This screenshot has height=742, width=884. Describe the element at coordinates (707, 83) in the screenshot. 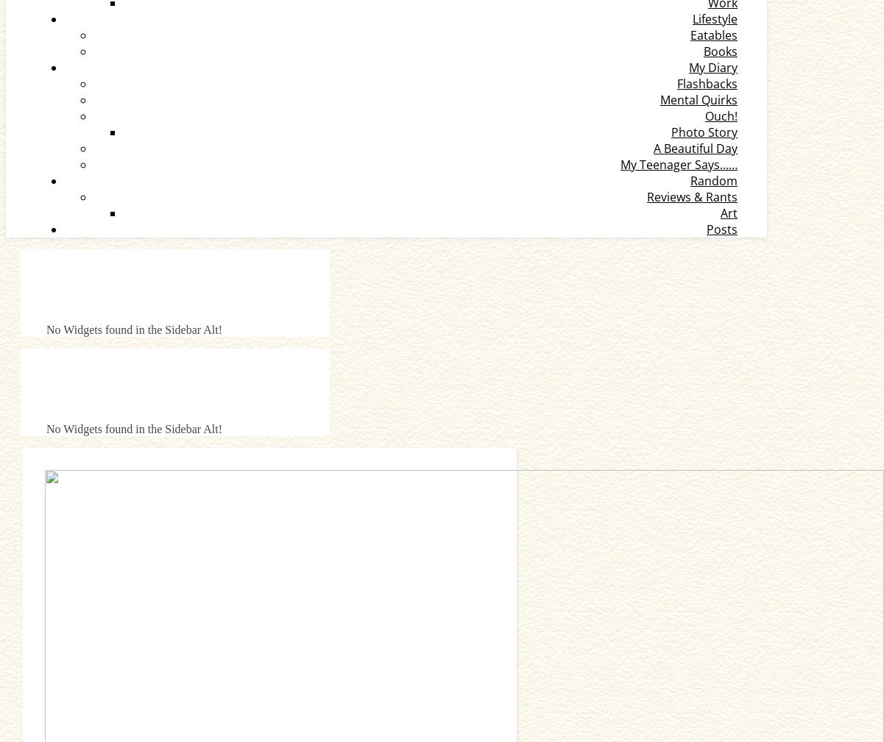

I see `'Flashbacks'` at that location.